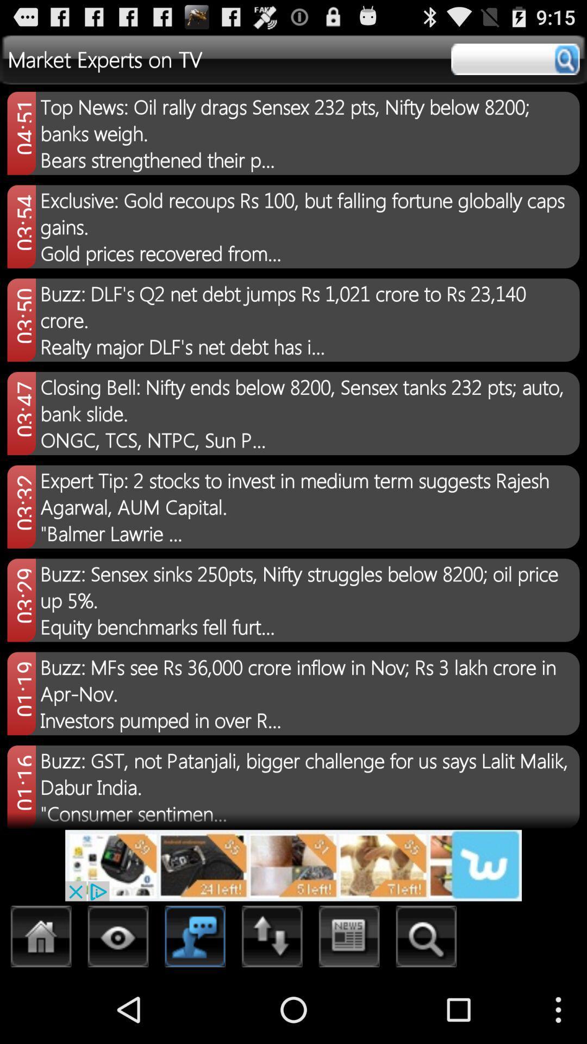  Describe the element at coordinates (41, 939) in the screenshot. I see `home` at that location.